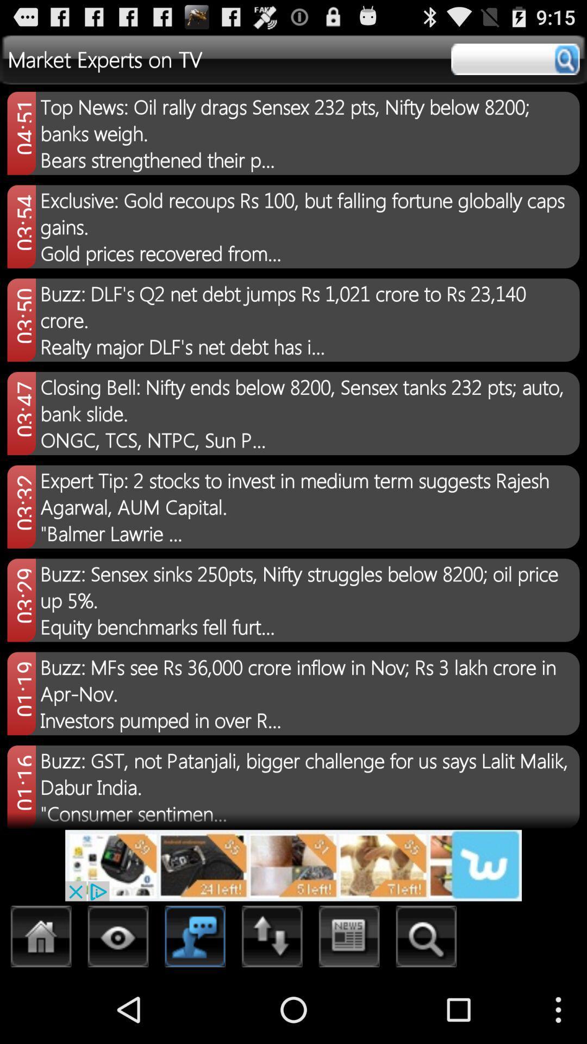  Describe the element at coordinates (41, 939) in the screenshot. I see `home` at that location.